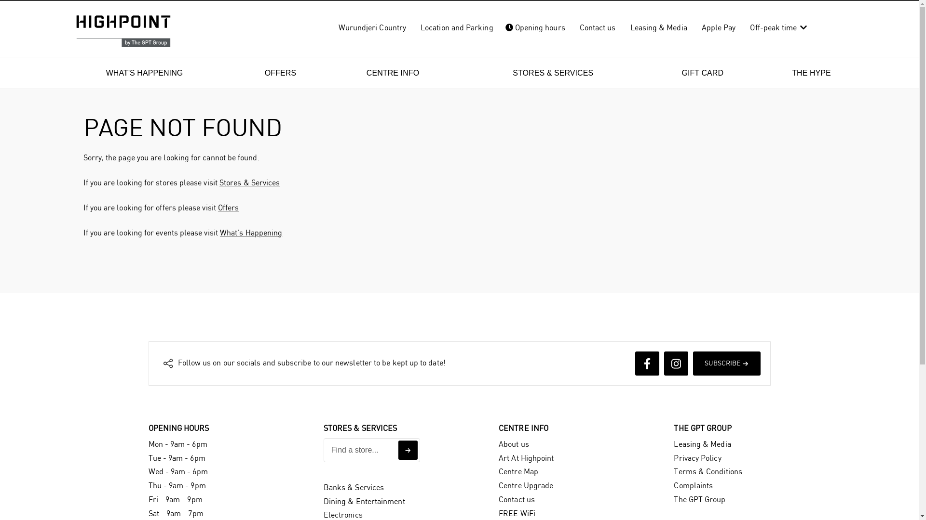 The height and width of the screenshot is (520, 926). Describe the element at coordinates (703, 72) in the screenshot. I see `'GIFT CARD'` at that location.